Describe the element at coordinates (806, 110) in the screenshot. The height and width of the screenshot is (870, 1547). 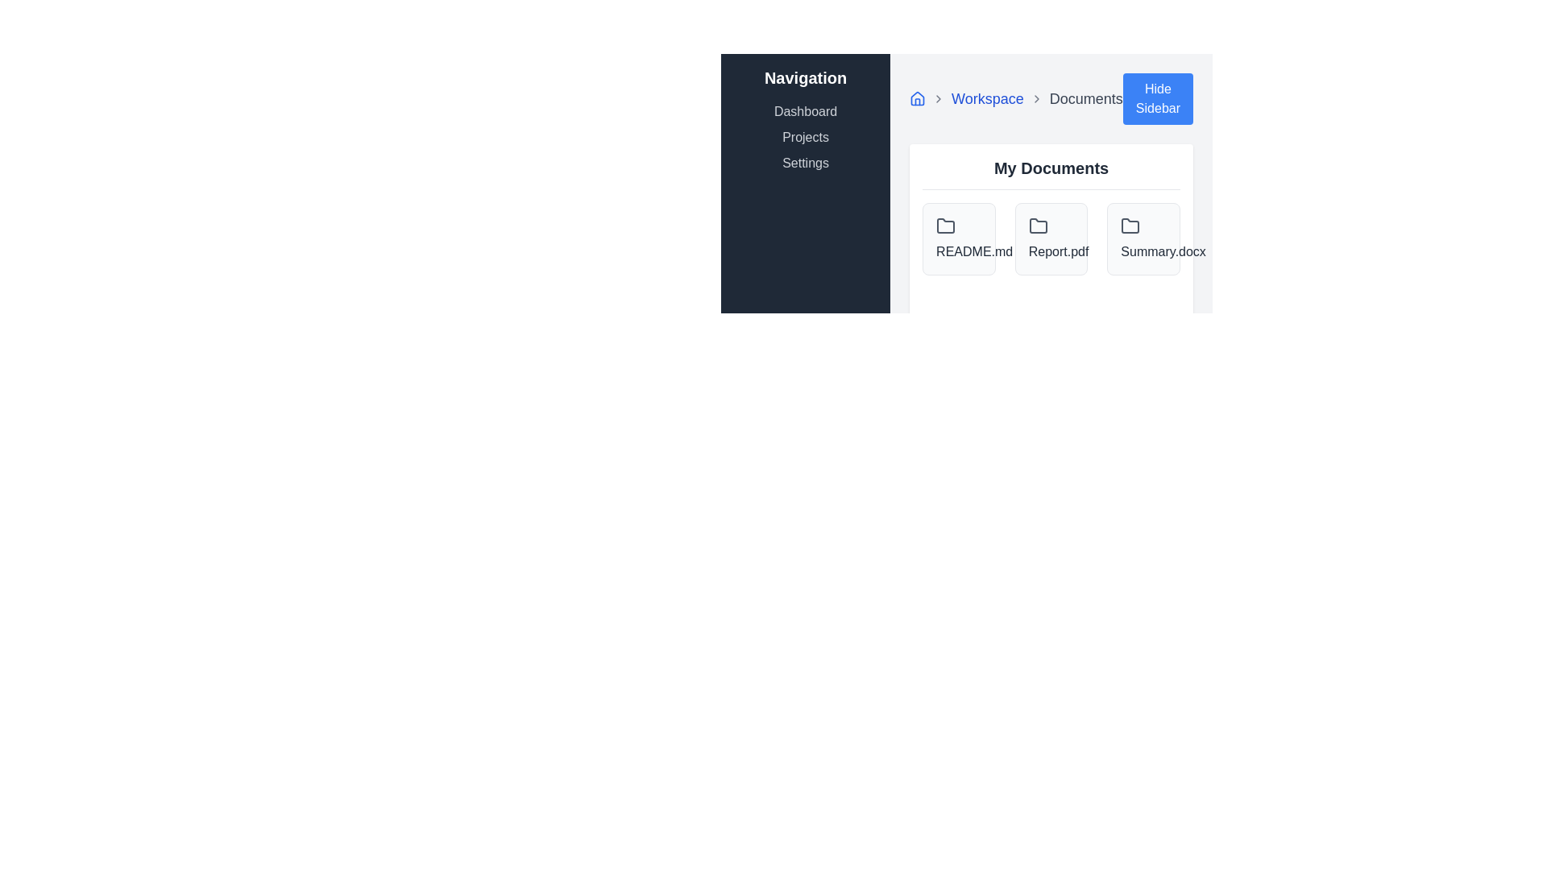
I see `the 'Dashboard' text label in the sidebar navigation menu, which is the first item below the 'Navigation' heading` at that location.